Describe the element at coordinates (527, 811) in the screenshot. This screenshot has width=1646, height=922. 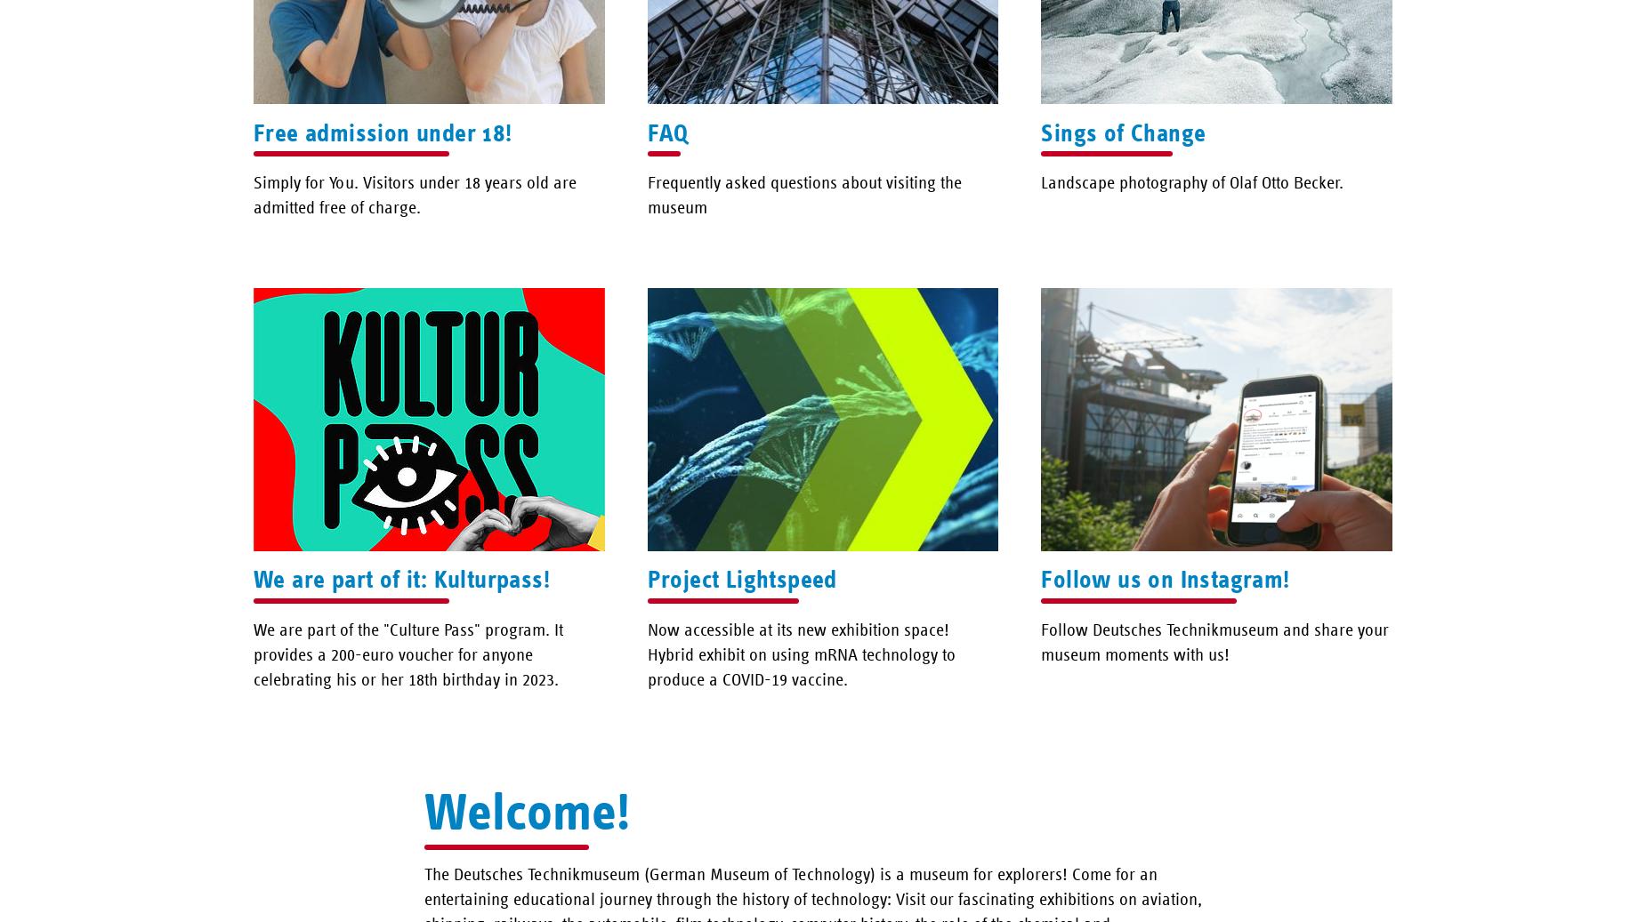
I see `'Welcome!'` at that location.